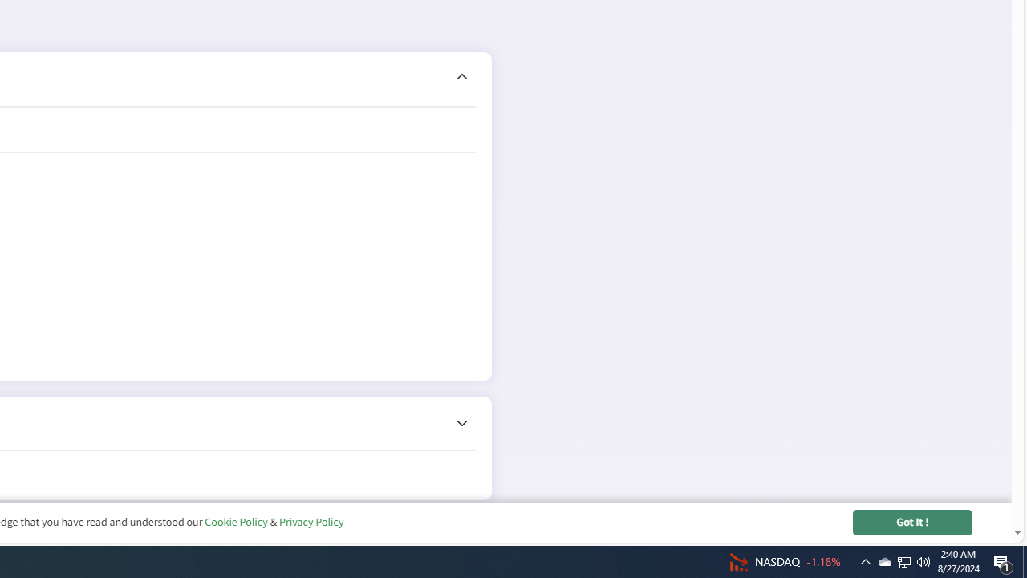 The width and height of the screenshot is (1027, 578). Describe the element at coordinates (311, 522) in the screenshot. I see `'Privacy Policy'` at that location.